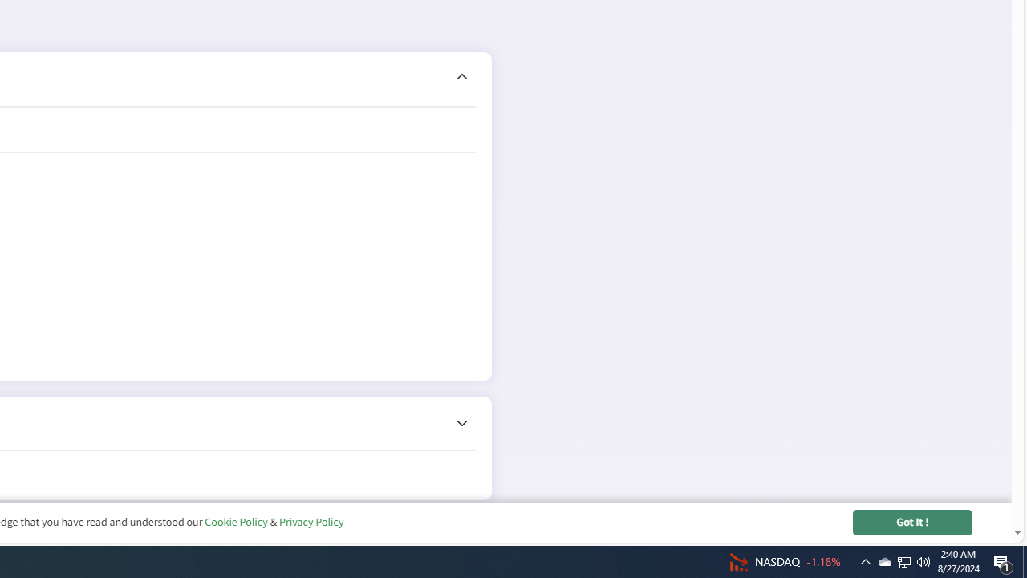 The width and height of the screenshot is (1027, 578). Describe the element at coordinates (311, 522) in the screenshot. I see `'Privacy Policy'` at that location.